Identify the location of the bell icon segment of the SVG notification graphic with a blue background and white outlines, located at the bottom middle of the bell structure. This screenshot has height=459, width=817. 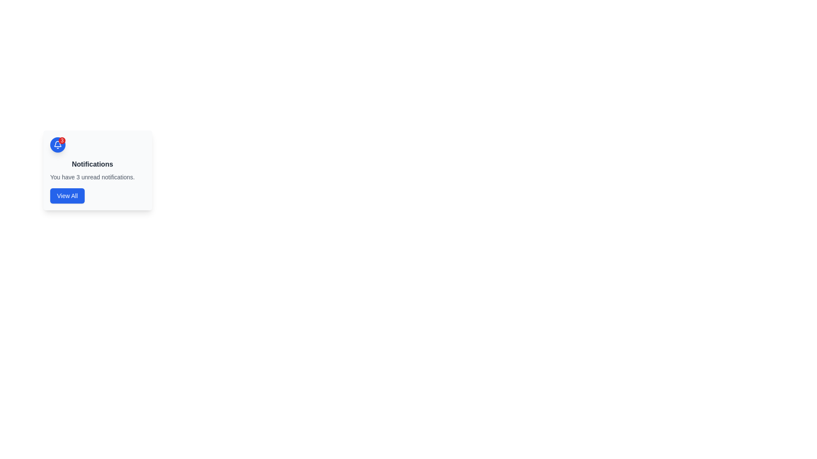
(57, 143).